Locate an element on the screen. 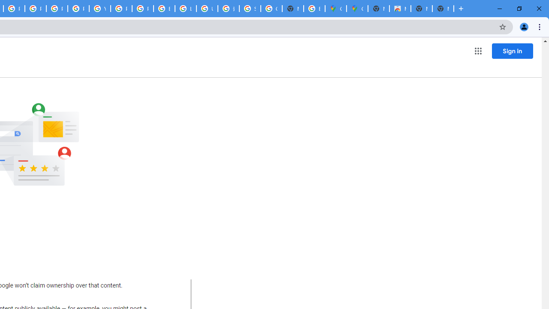 The image size is (549, 309). 'Google Maps' is located at coordinates (335, 9).